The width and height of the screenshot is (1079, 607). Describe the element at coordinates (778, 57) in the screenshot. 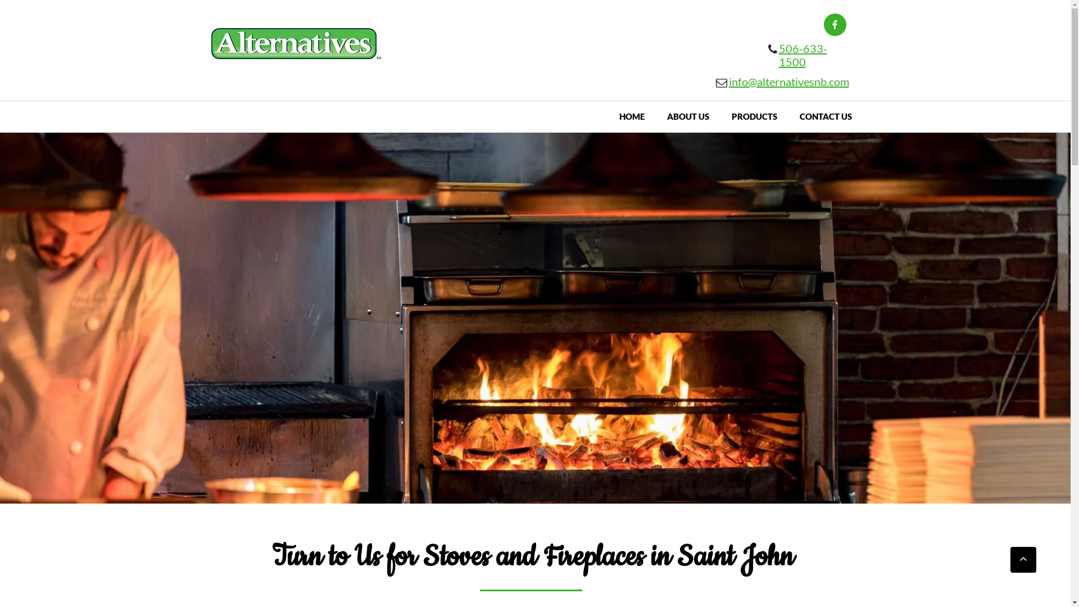

I see `'506-633-1500'` at that location.